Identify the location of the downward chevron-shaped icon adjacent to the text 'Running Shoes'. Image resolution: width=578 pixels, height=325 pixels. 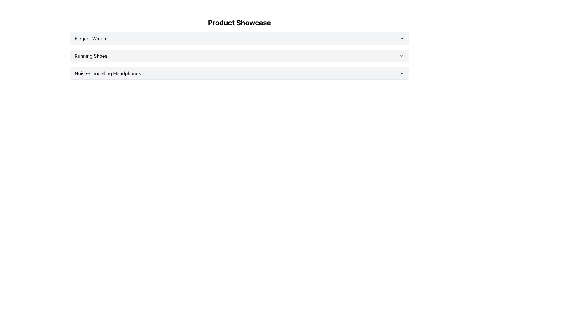
(402, 56).